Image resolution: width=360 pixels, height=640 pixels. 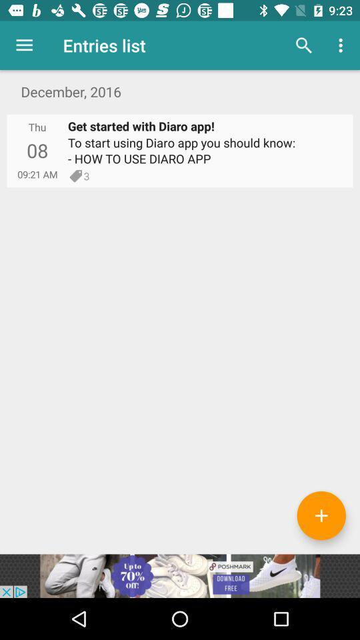 I want to click on more button, so click(x=321, y=515).